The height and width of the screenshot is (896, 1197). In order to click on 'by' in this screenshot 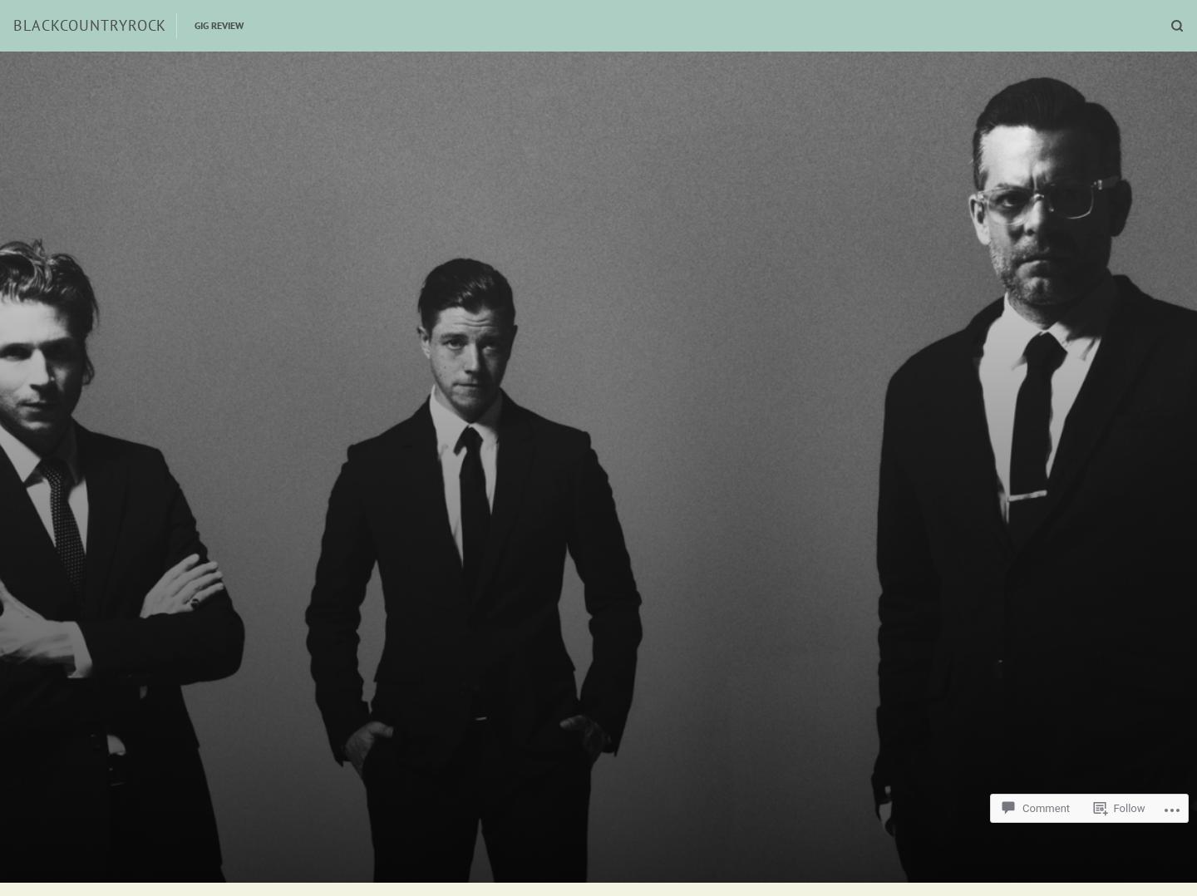, I will do `click(696, 630)`.